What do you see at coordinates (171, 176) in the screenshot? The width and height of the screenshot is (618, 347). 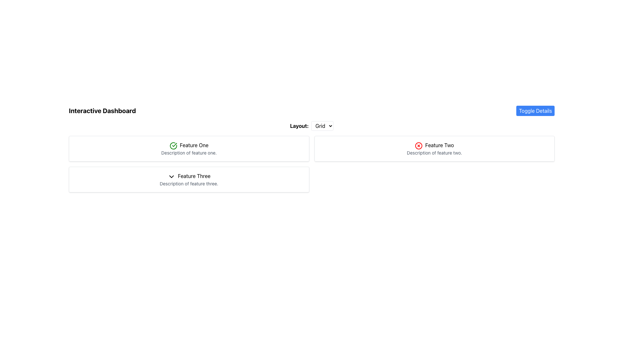 I see `the chevron-down icon in the 'Feature Three' block` at bounding box center [171, 176].